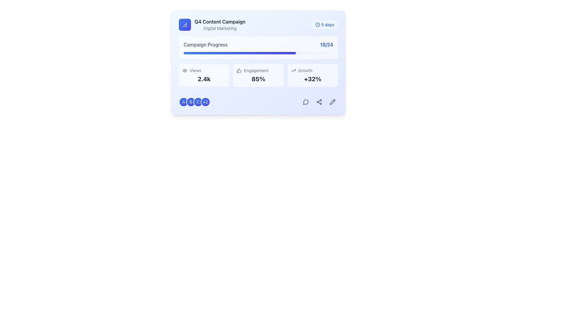  I want to click on the circular share button with a gray icon resembling three connected dots, so click(319, 102).